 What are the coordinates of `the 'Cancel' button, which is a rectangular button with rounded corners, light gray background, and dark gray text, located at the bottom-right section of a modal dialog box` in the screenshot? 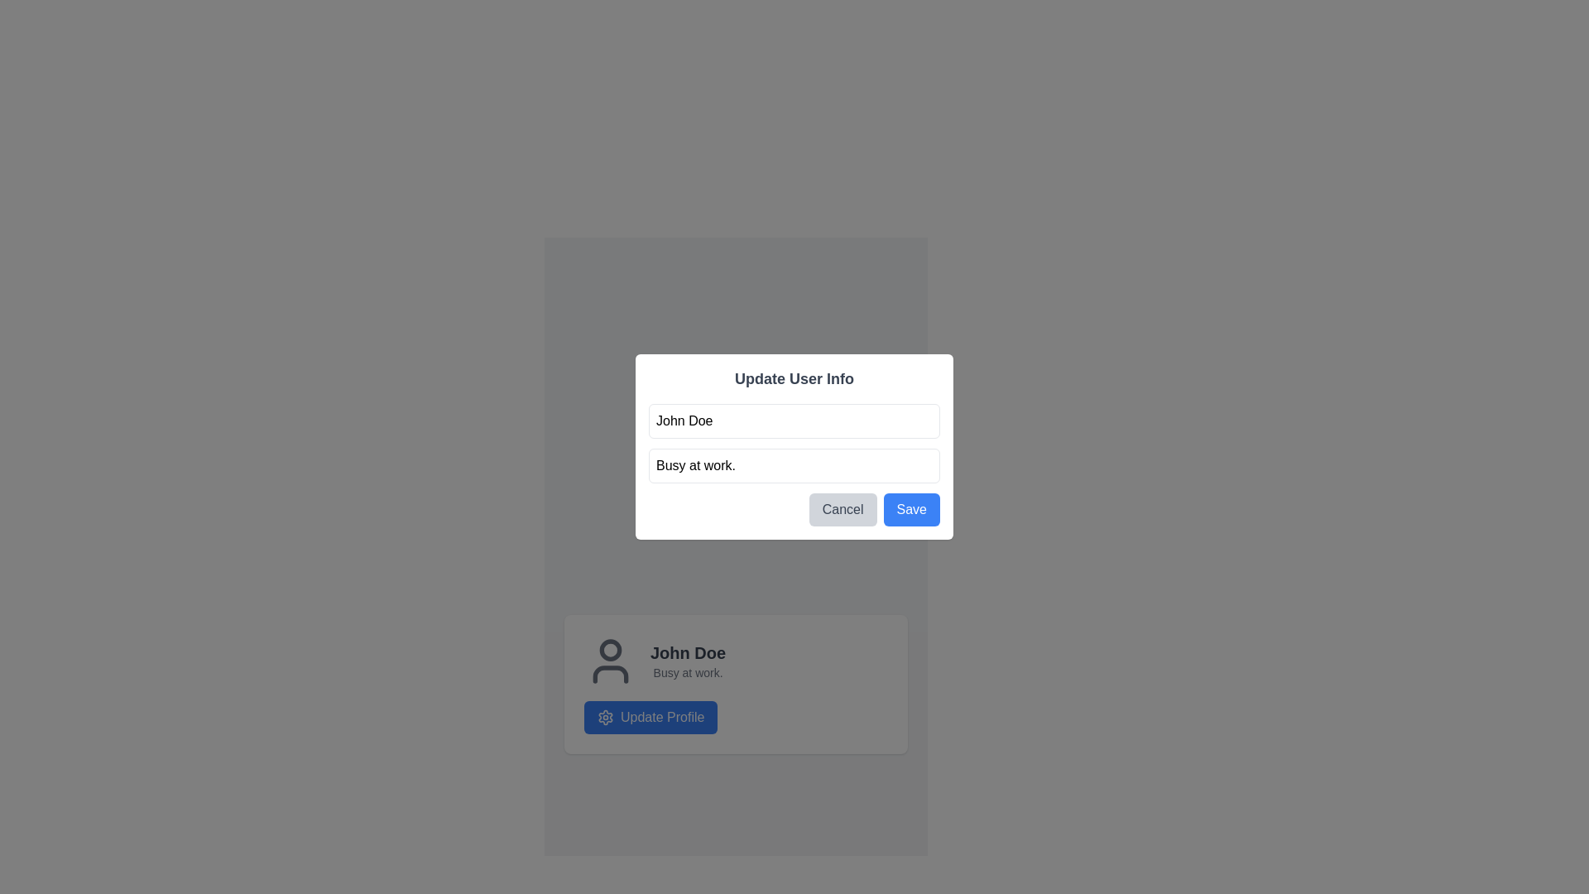 It's located at (843, 509).